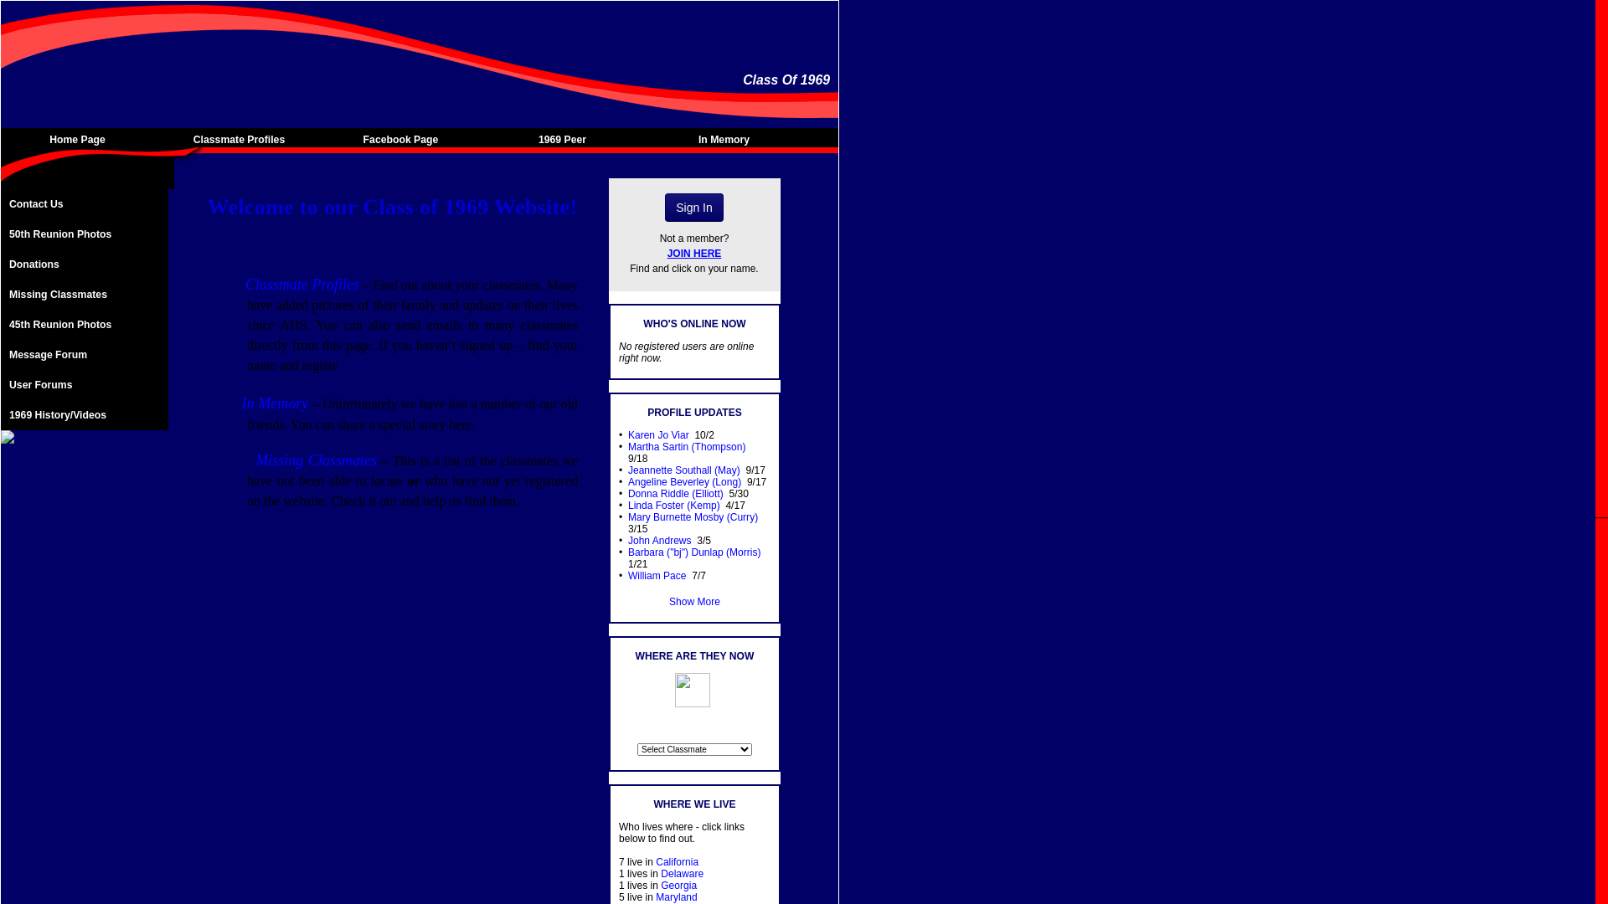  I want to click on 'Delaware', so click(682, 873).